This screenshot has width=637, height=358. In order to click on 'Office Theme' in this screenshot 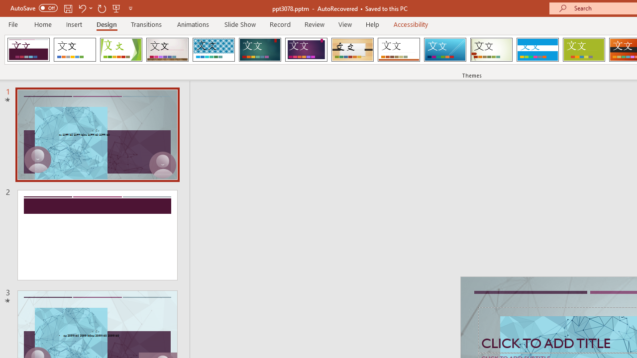, I will do `click(74, 50)`.